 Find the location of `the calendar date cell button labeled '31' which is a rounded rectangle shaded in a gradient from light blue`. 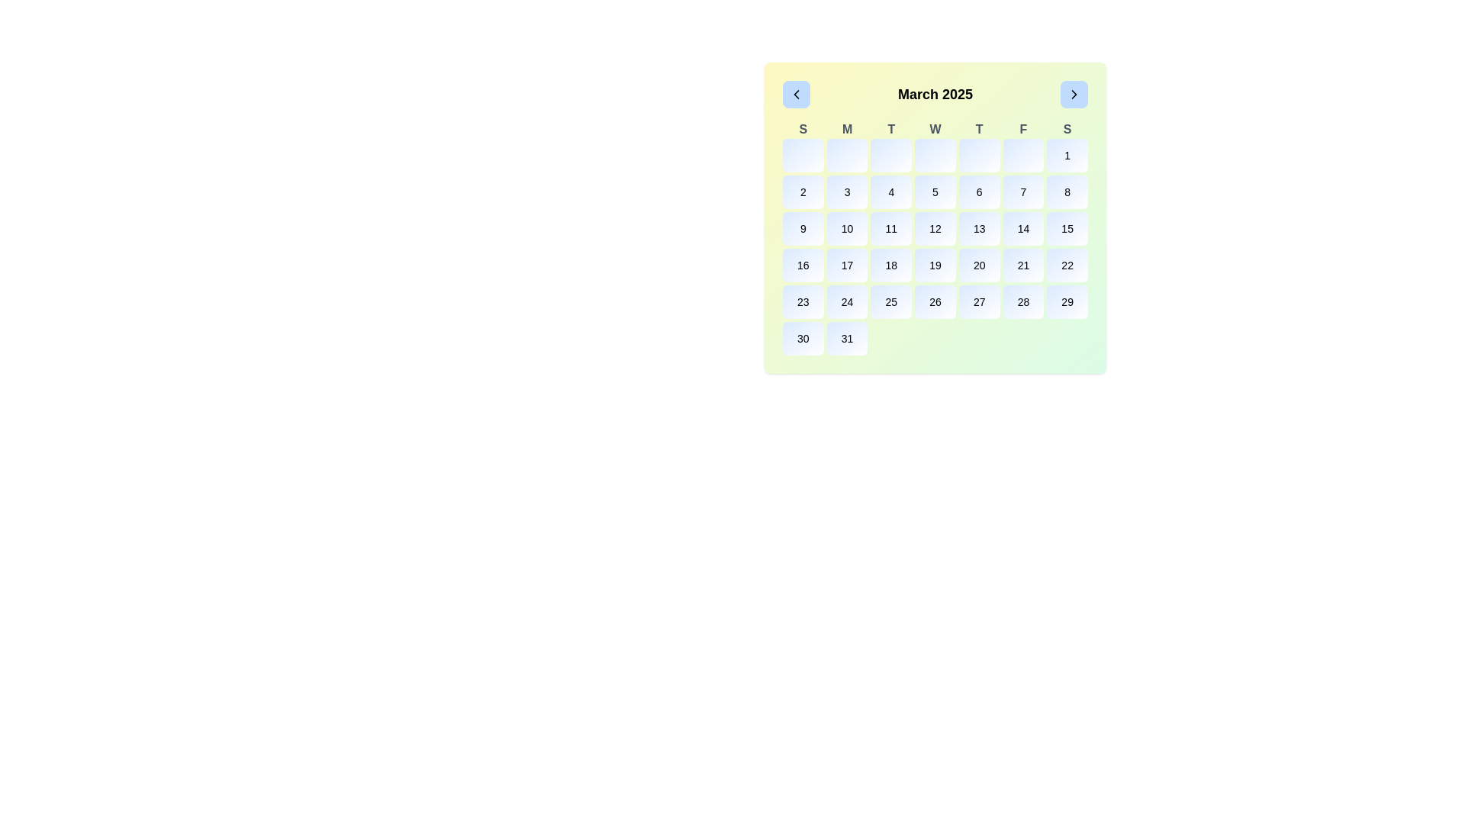

the calendar date cell button labeled '31' which is a rounded rectangle shaded in a gradient from light blue is located at coordinates (846, 337).